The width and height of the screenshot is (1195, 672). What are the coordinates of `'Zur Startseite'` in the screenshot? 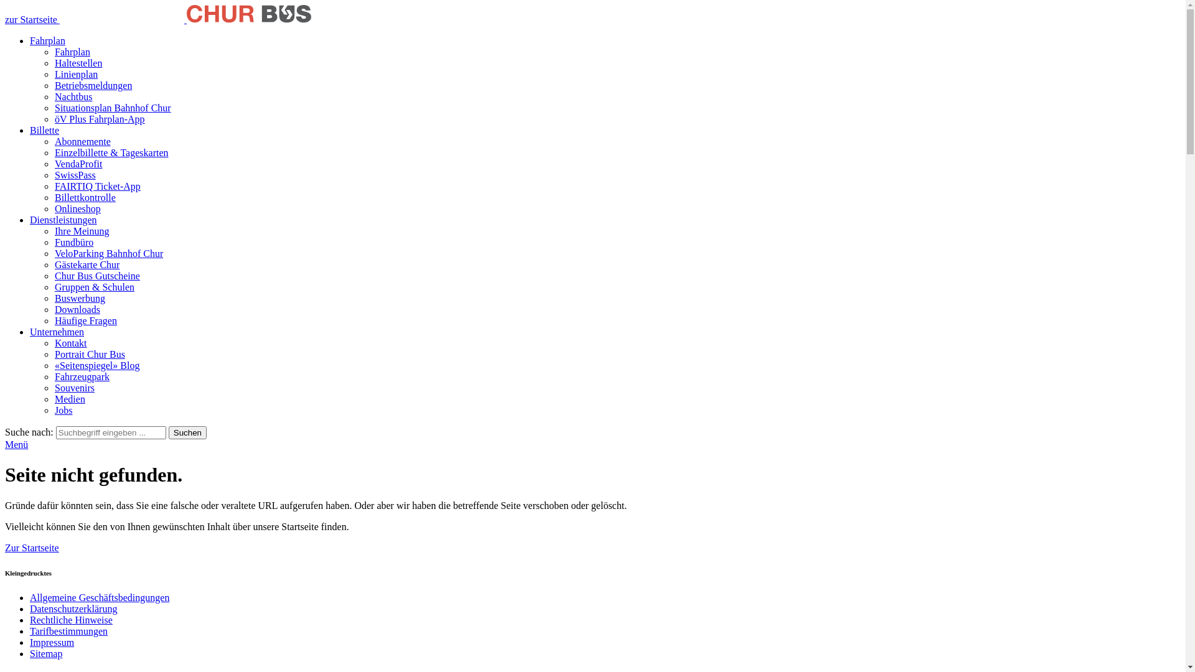 It's located at (5, 547).